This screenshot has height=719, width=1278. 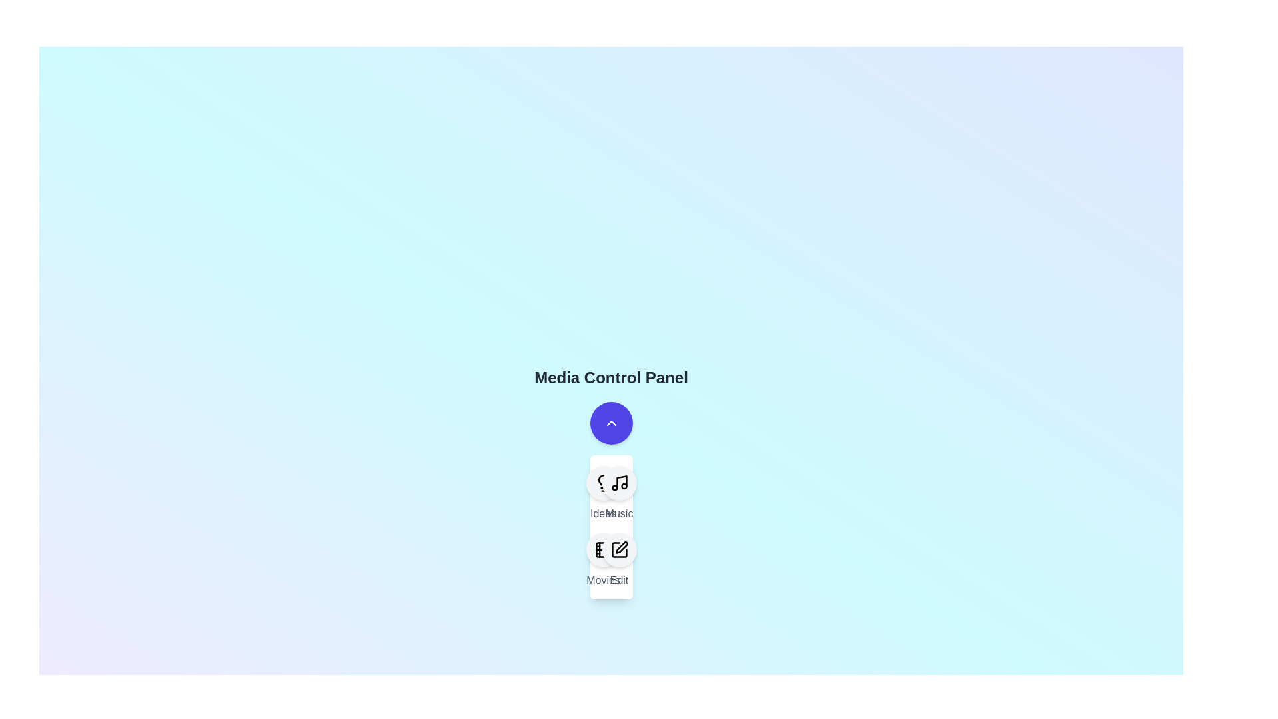 What do you see at coordinates (618, 549) in the screenshot?
I see `the Edit option in the menu` at bounding box center [618, 549].